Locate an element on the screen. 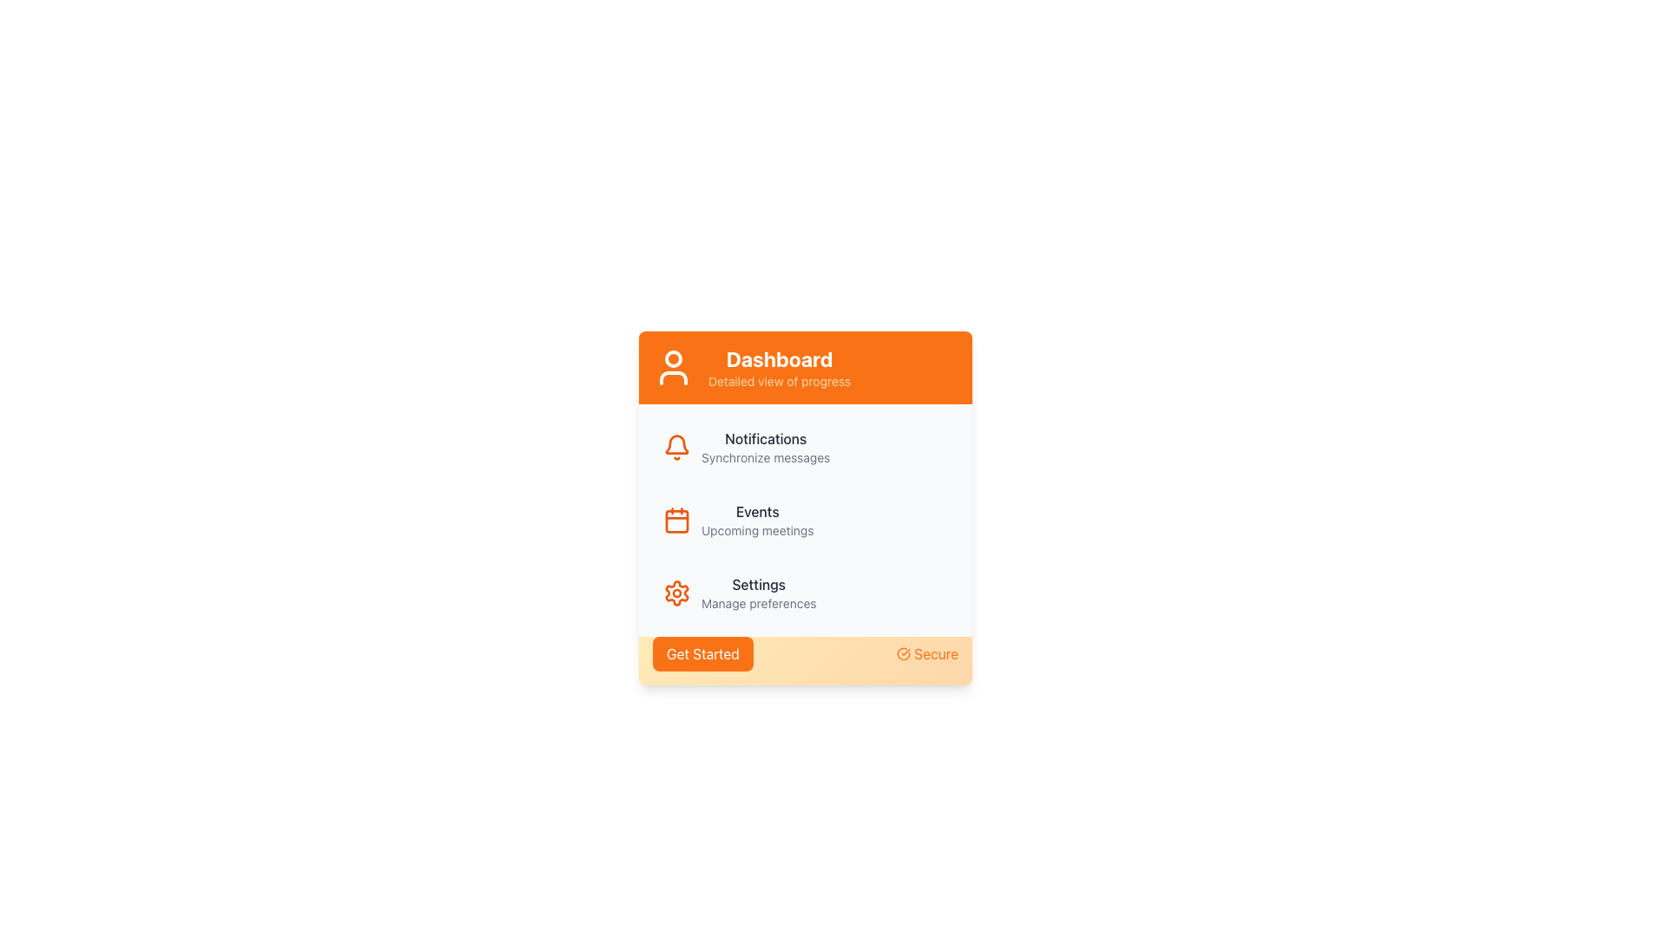 The width and height of the screenshot is (1667, 937). the 'Notifications' button located in the vertical menu beneath the 'Dashboard' header is located at coordinates (804, 447).